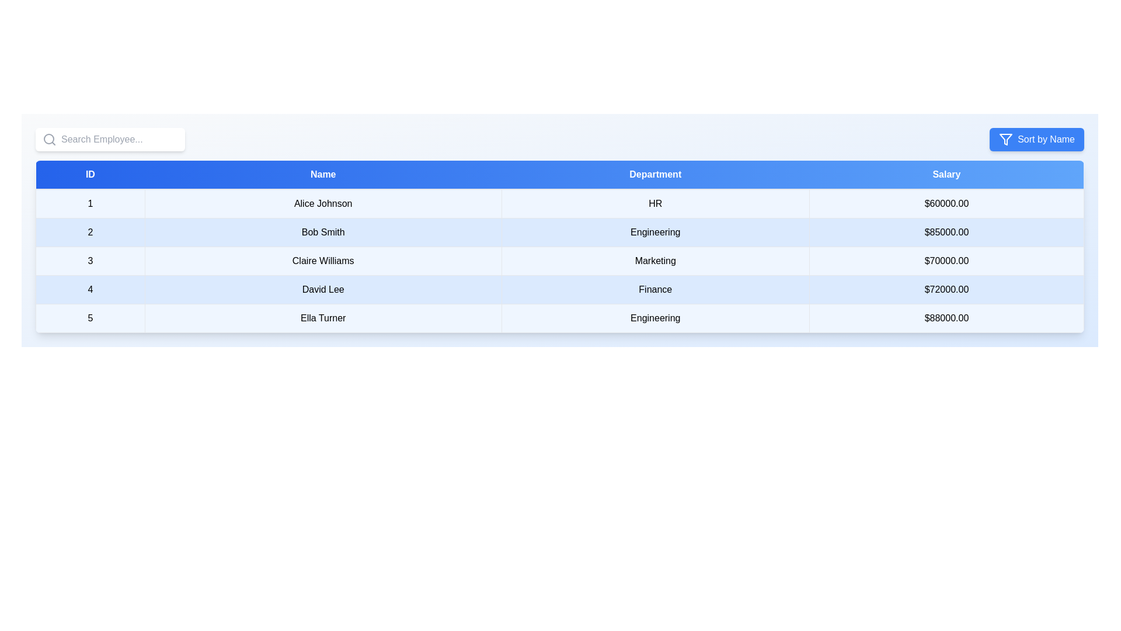  I want to click on the static text element displaying the digit '4', so click(89, 289).